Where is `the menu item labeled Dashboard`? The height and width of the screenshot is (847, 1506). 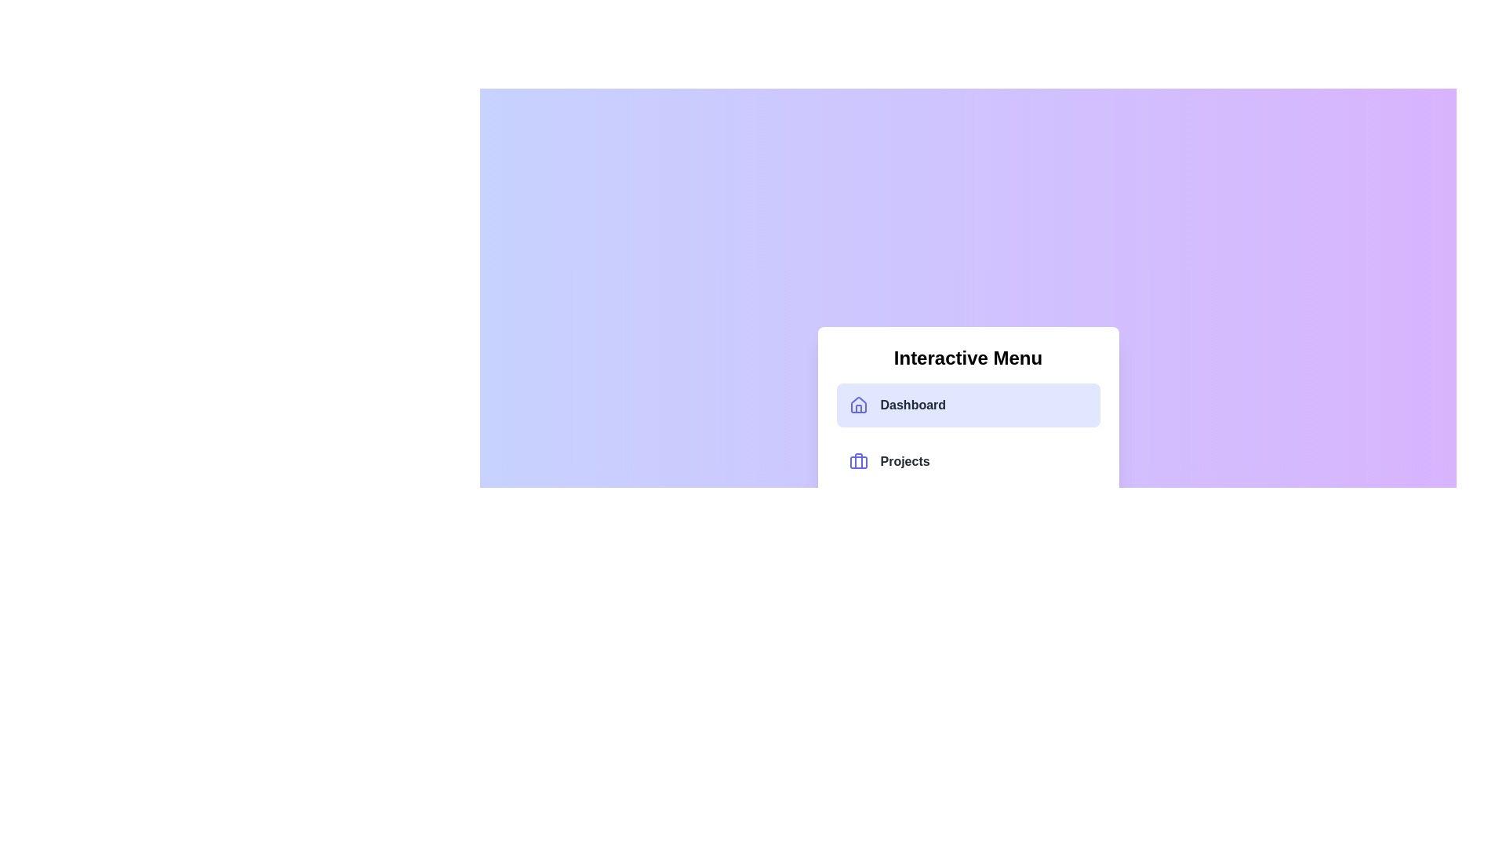
the menu item labeled Dashboard is located at coordinates (967, 404).